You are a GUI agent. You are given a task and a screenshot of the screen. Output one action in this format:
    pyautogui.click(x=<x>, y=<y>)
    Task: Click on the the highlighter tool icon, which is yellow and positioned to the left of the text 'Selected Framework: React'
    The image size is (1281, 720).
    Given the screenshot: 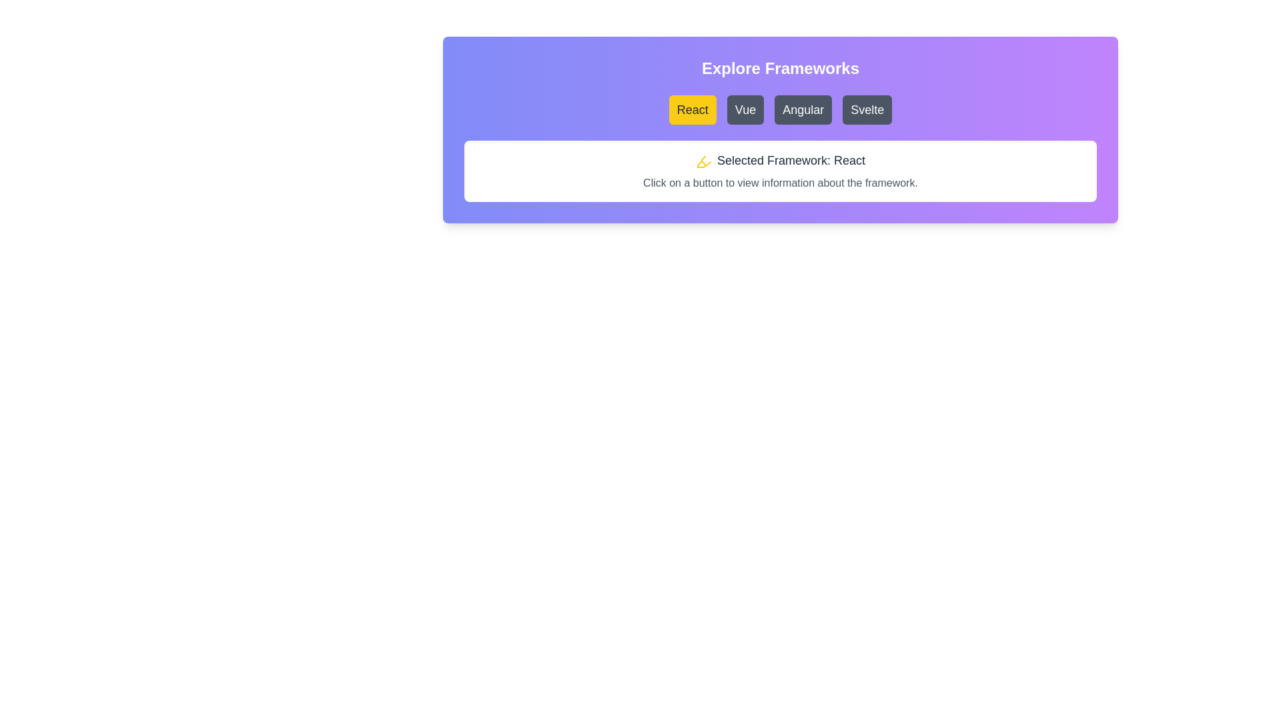 What is the action you would take?
    pyautogui.click(x=703, y=161)
    